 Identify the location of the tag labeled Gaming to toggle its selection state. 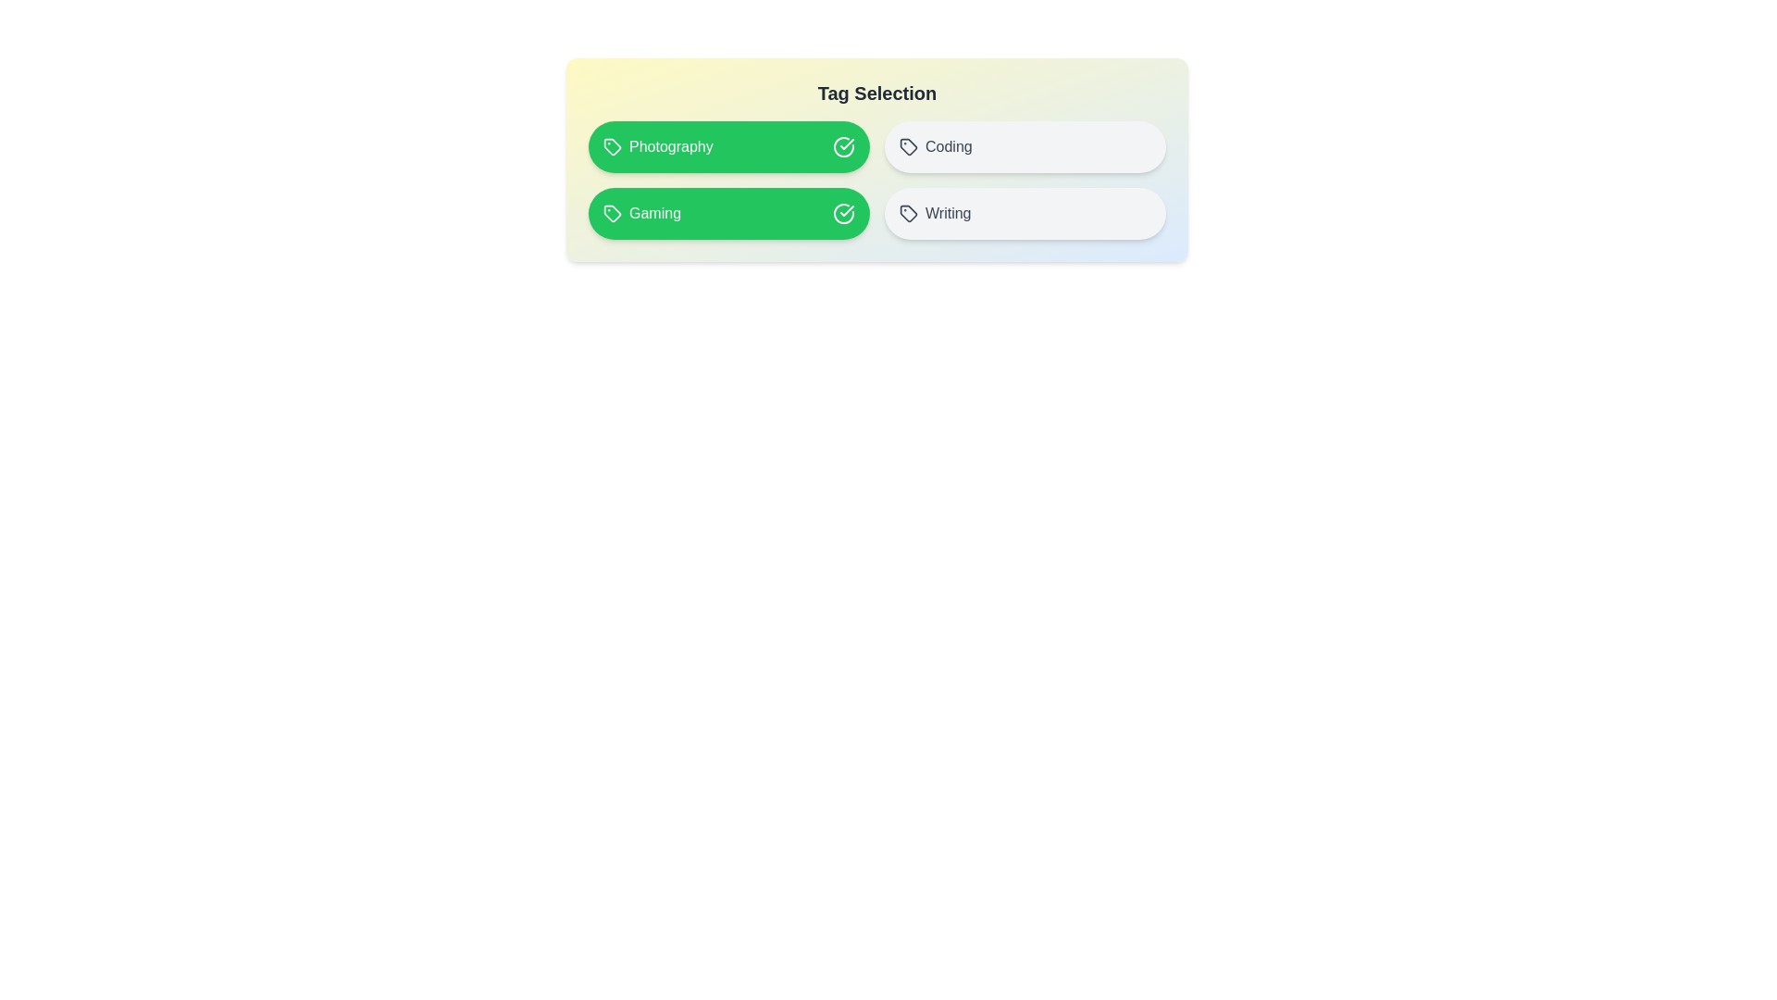
(727, 213).